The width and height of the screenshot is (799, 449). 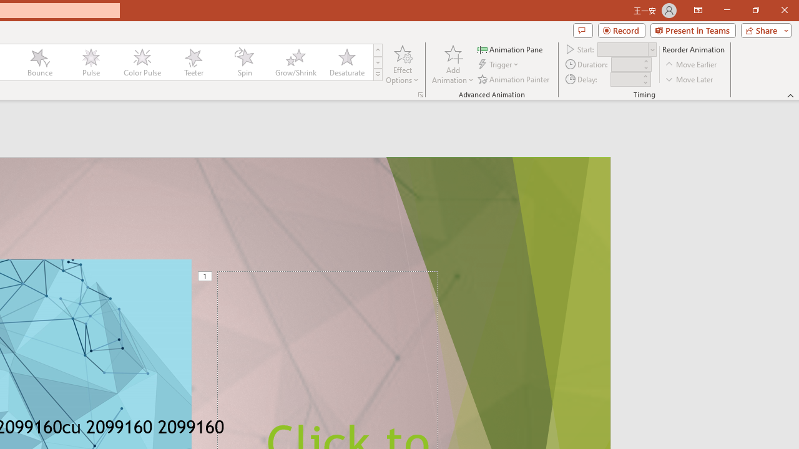 What do you see at coordinates (142, 62) in the screenshot?
I see `'Color Pulse'` at bounding box center [142, 62].